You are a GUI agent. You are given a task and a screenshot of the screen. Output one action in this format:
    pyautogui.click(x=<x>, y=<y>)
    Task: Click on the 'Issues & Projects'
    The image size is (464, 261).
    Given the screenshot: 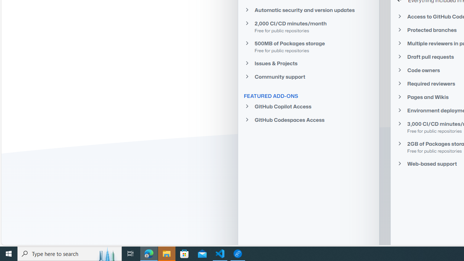 What is the action you would take?
    pyautogui.click(x=308, y=63)
    